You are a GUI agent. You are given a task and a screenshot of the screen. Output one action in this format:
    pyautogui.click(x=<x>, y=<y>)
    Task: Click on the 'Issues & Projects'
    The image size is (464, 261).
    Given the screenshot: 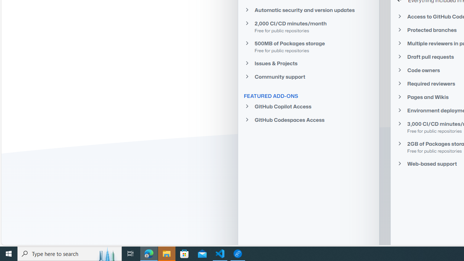 What is the action you would take?
    pyautogui.click(x=308, y=63)
    